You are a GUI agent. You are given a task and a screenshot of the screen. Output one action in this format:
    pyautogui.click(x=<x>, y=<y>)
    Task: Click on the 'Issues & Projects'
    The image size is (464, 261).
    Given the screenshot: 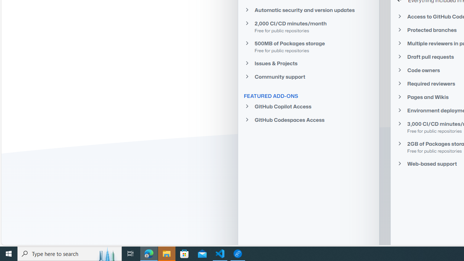 What is the action you would take?
    pyautogui.click(x=308, y=63)
    